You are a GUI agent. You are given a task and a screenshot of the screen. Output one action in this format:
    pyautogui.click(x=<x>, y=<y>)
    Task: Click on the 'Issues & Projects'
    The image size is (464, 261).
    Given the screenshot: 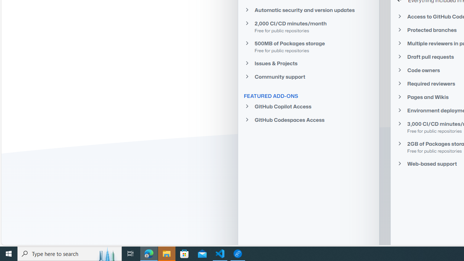 What is the action you would take?
    pyautogui.click(x=308, y=63)
    